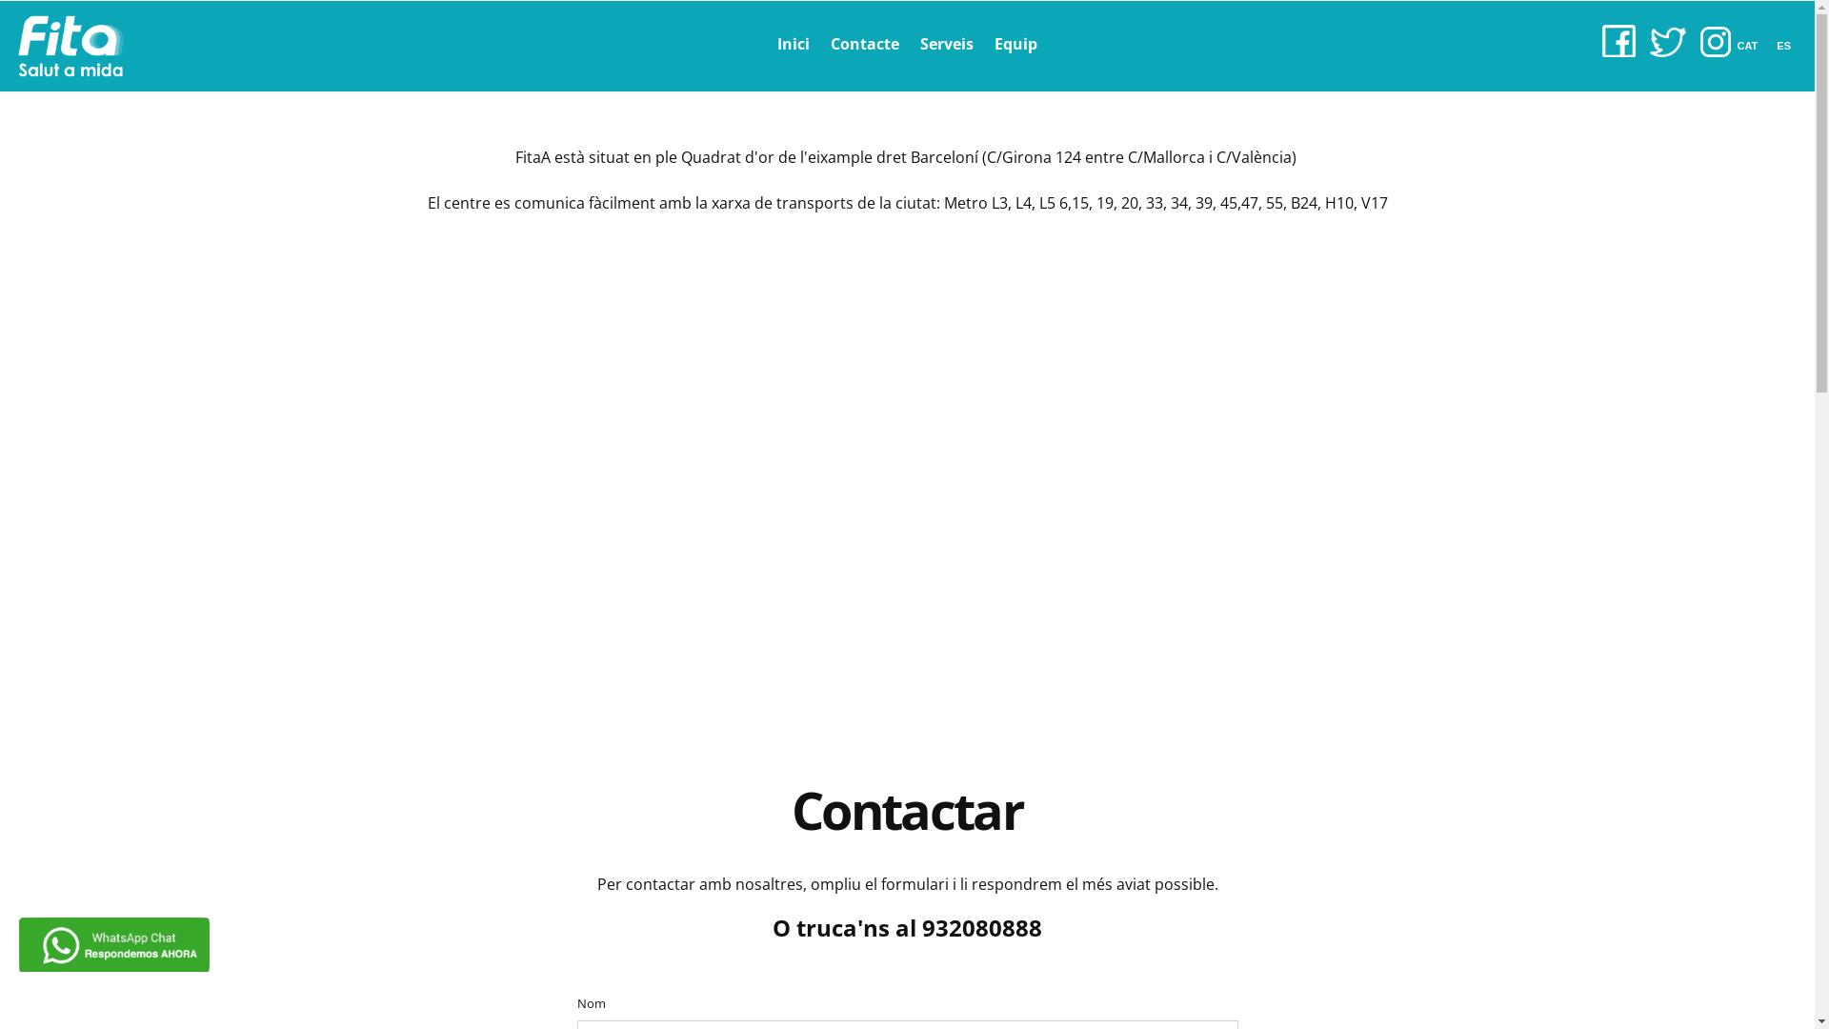  I want to click on 'CAT', so click(1752, 44).